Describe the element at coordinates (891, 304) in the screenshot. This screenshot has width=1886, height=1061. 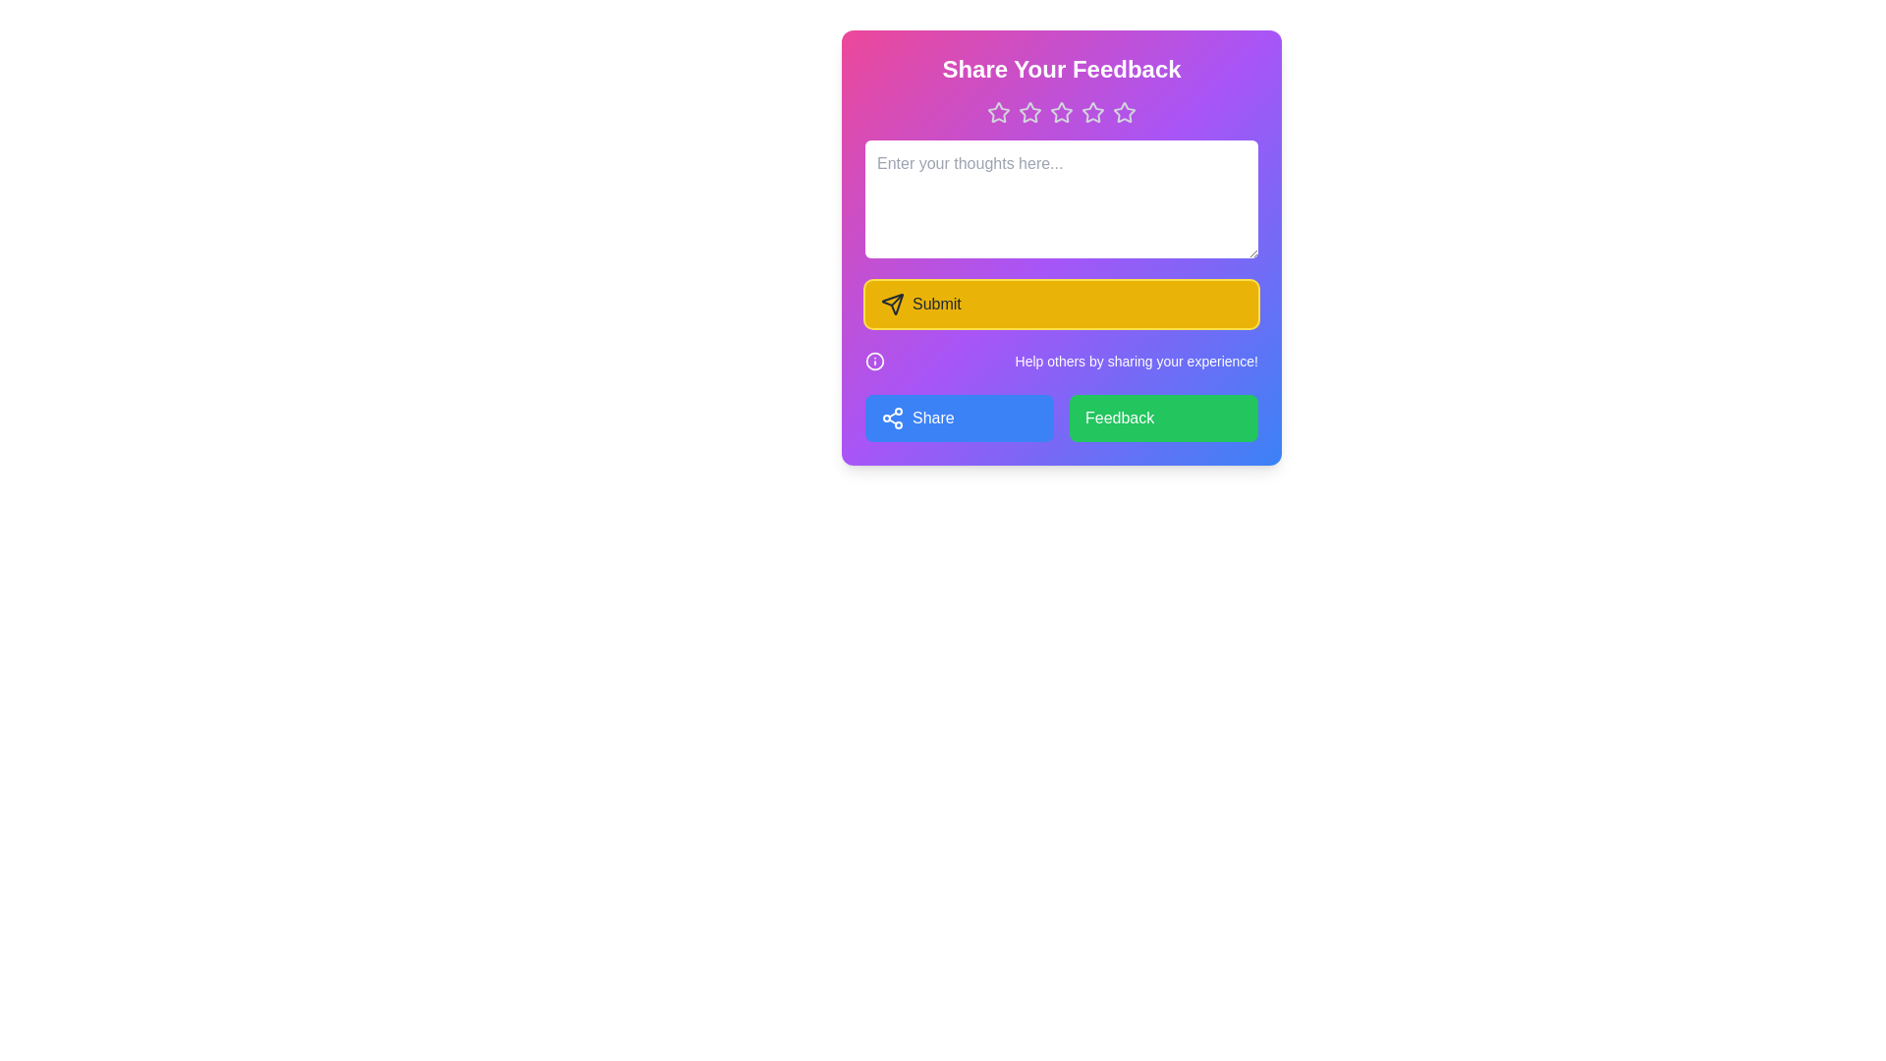
I see `the 'Submit' button, which is a yellow rectangular button located at the center of the feedback form` at that location.